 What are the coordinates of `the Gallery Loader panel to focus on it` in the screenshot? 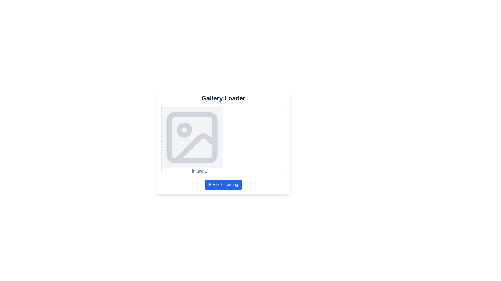 It's located at (223, 142).